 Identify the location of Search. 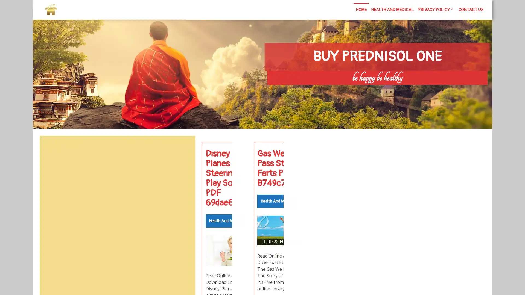
(182, 149).